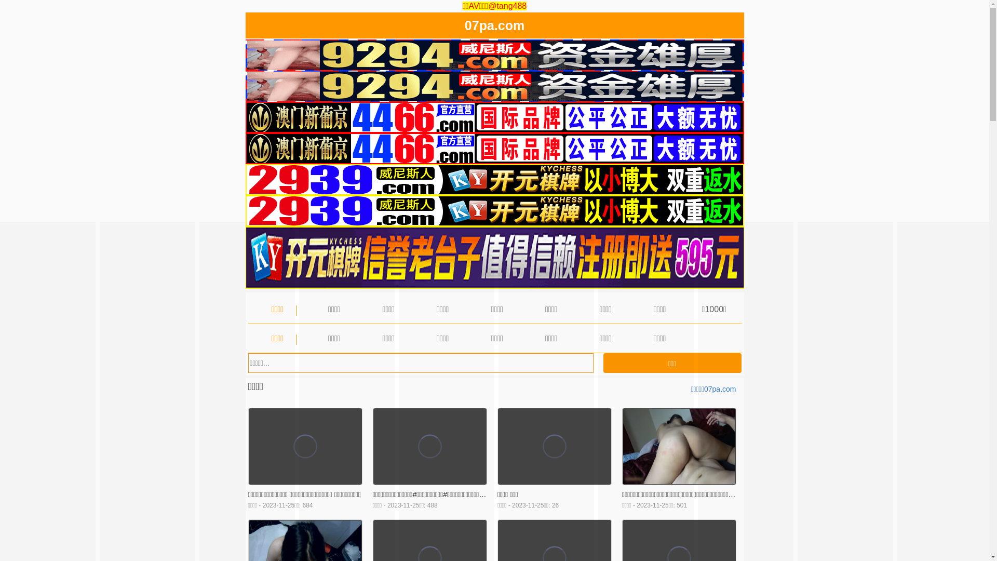  I want to click on '07pa.com', so click(464, 27).